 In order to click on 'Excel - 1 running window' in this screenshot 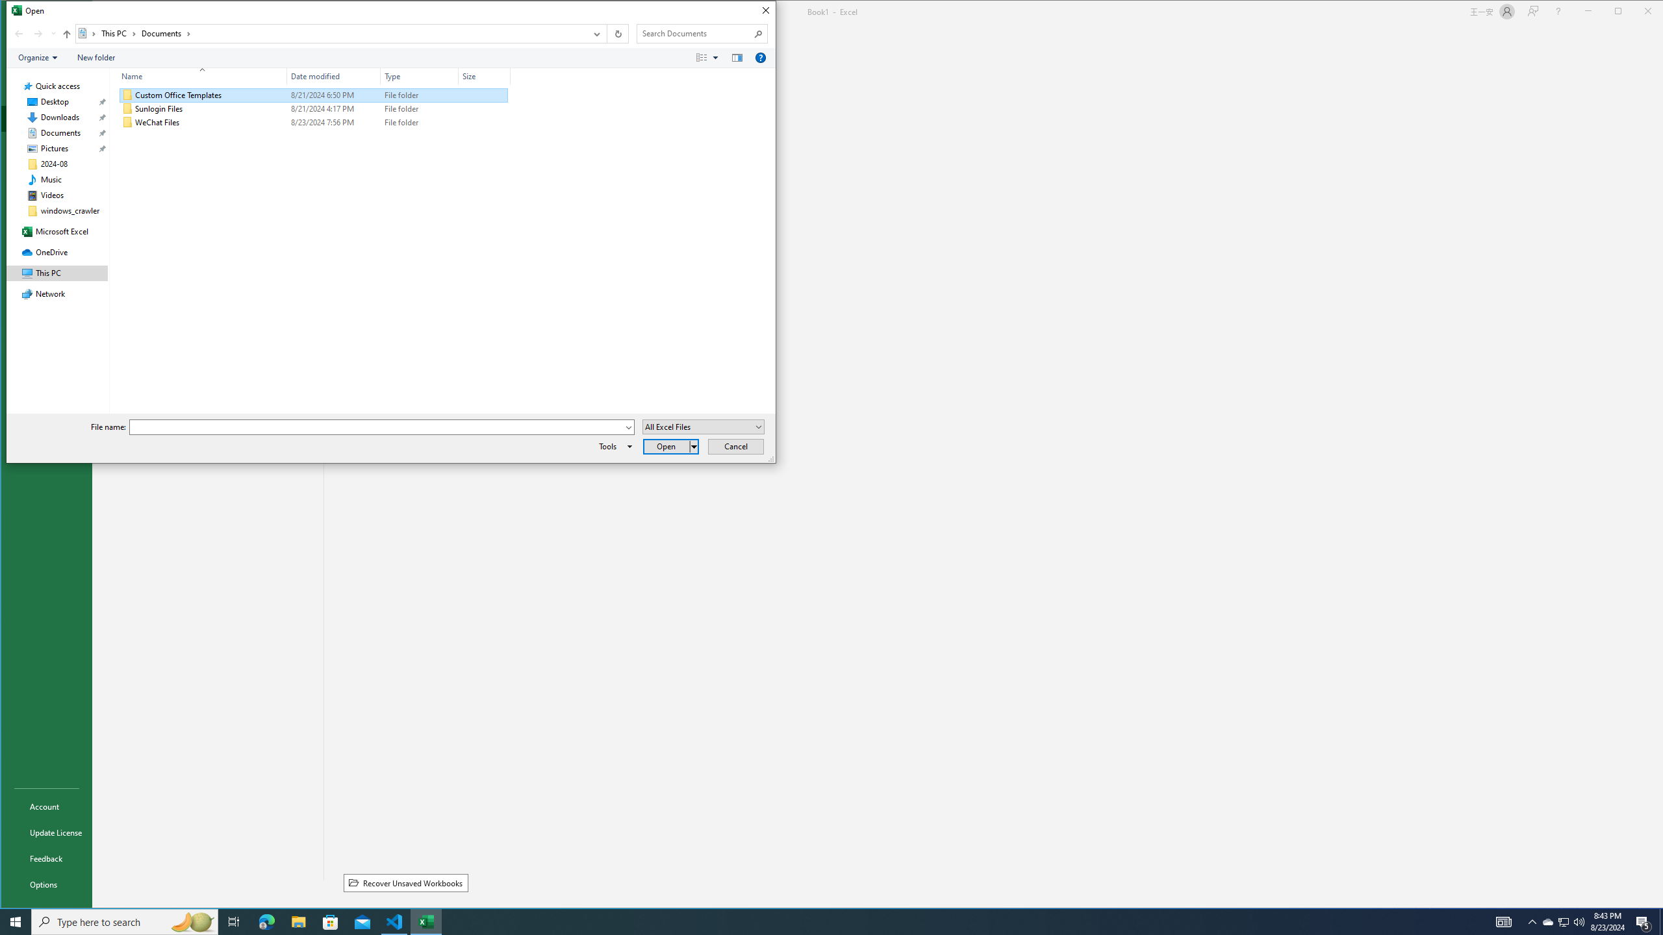, I will do `click(426, 921)`.